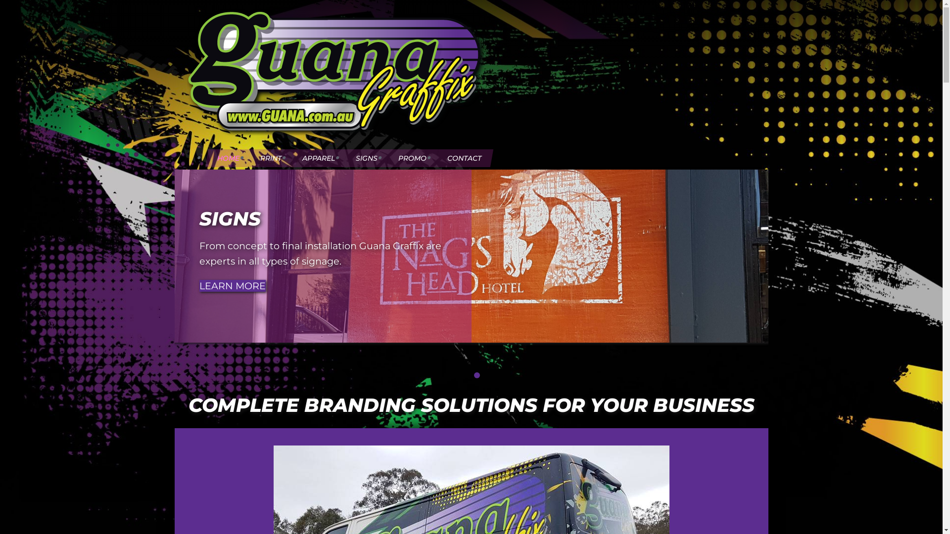 The image size is (950, 534). What do you see at coordinates (487, 375) in the screenshot?
I see `'4'` at bounding box center [487, 375].